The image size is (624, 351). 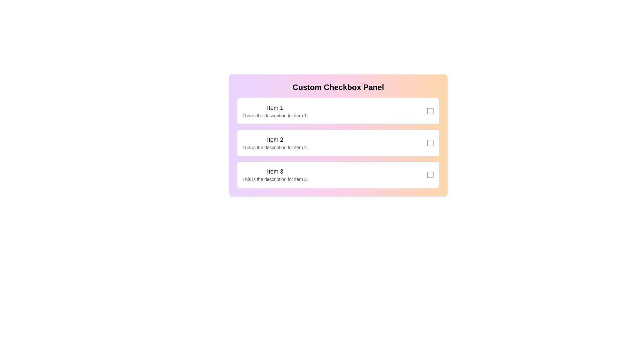 I want to click on the title of Item 1, so click(x=275, y=107).